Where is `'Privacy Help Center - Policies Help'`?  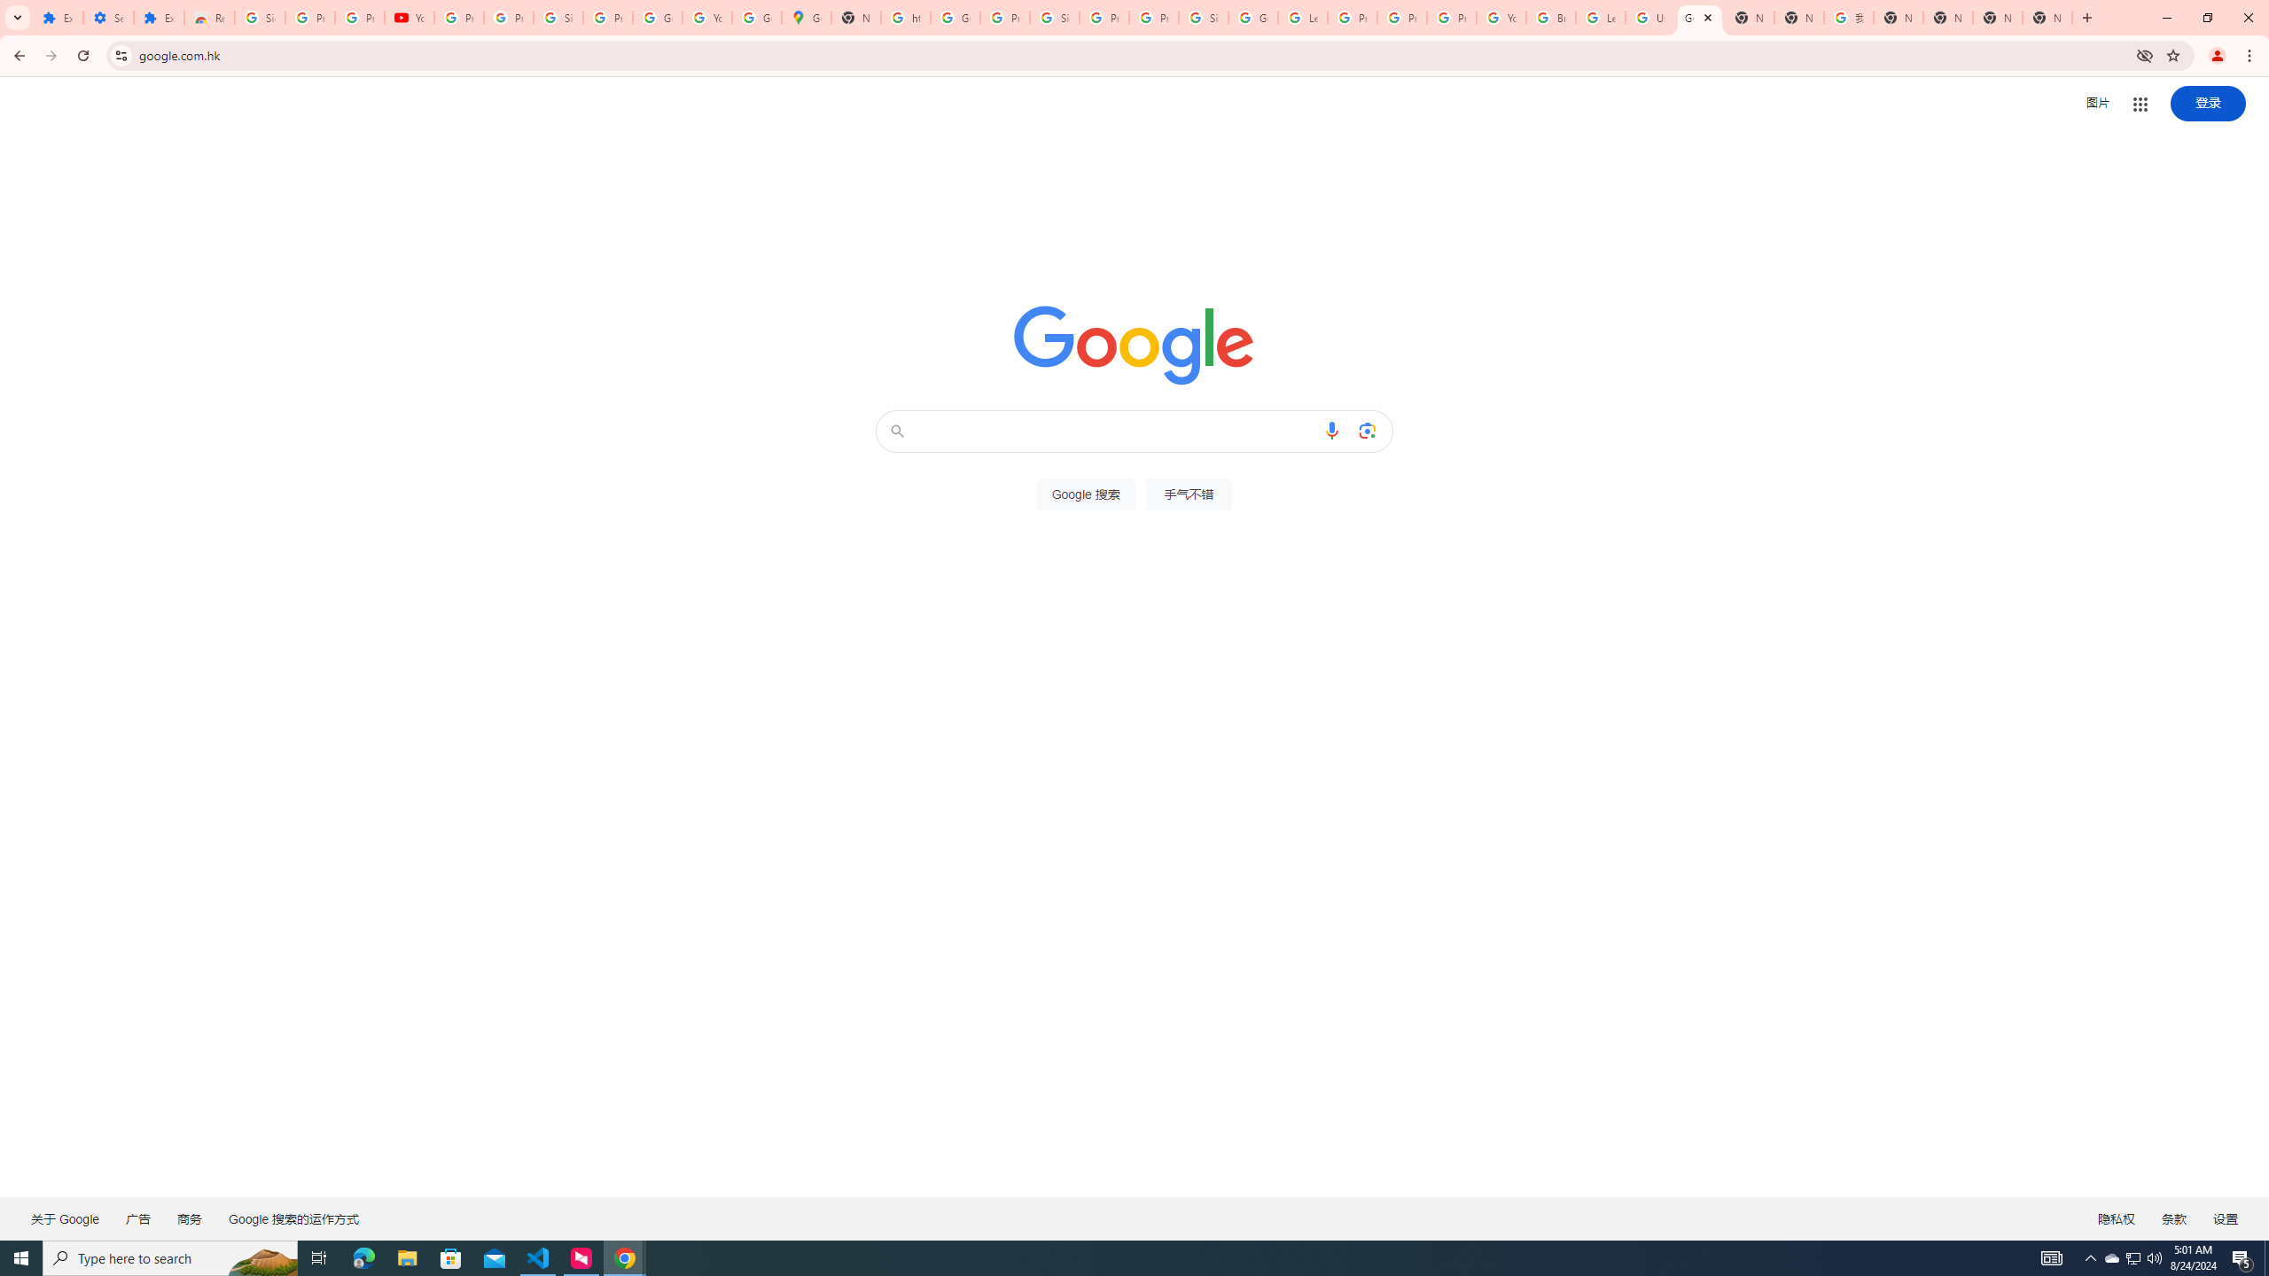
'Privacy Help Center - Policies Help' is located at coordinates (1353, 17).